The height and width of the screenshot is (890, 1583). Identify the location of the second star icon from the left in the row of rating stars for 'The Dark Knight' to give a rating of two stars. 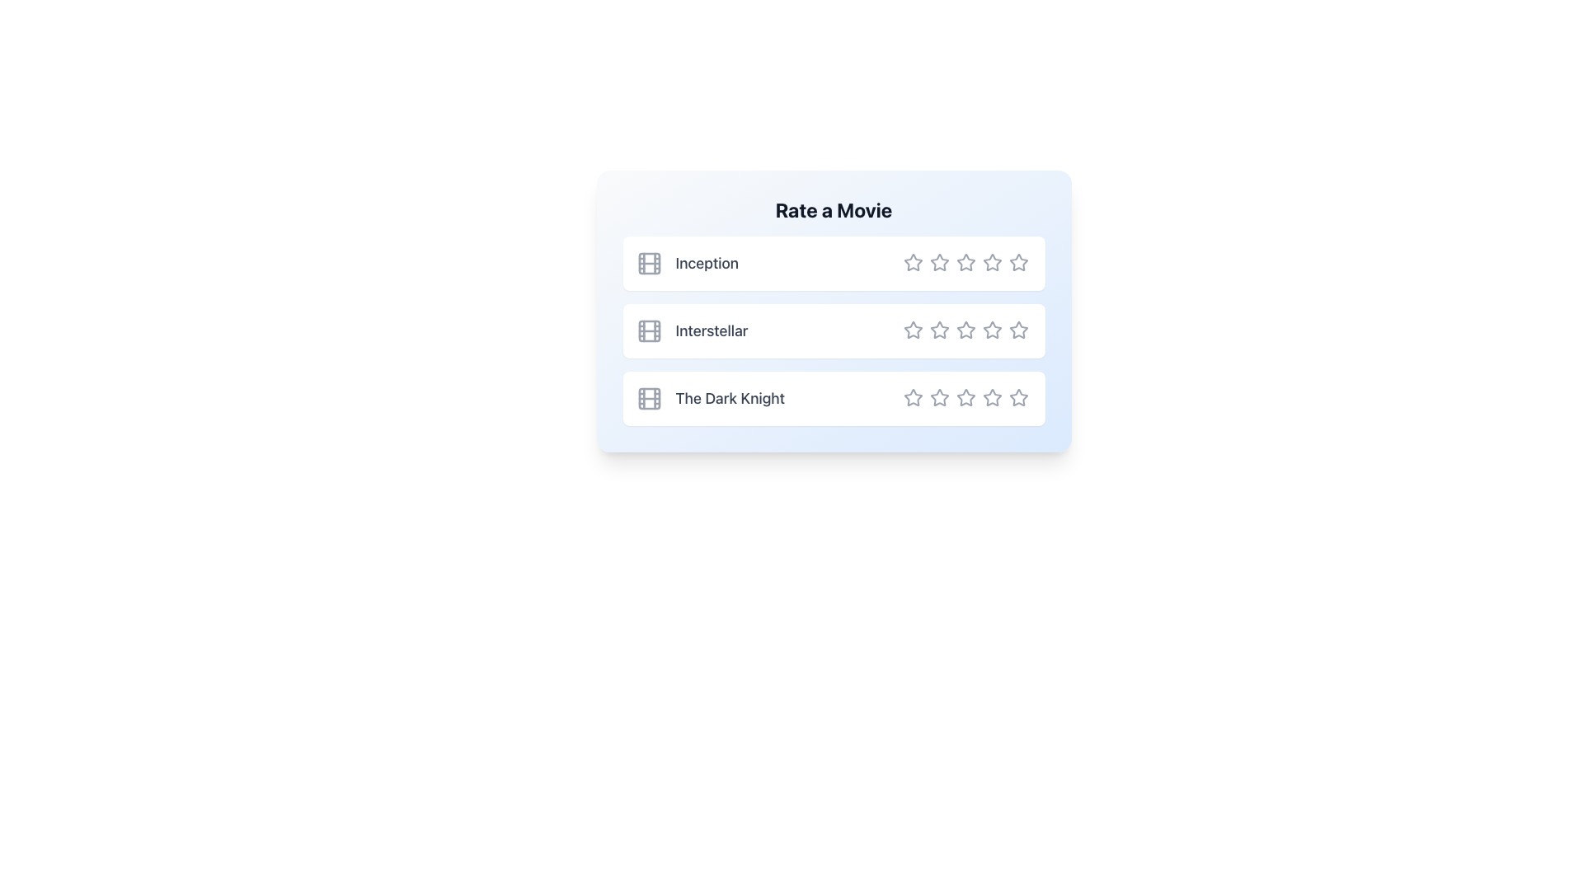
(939, 397).